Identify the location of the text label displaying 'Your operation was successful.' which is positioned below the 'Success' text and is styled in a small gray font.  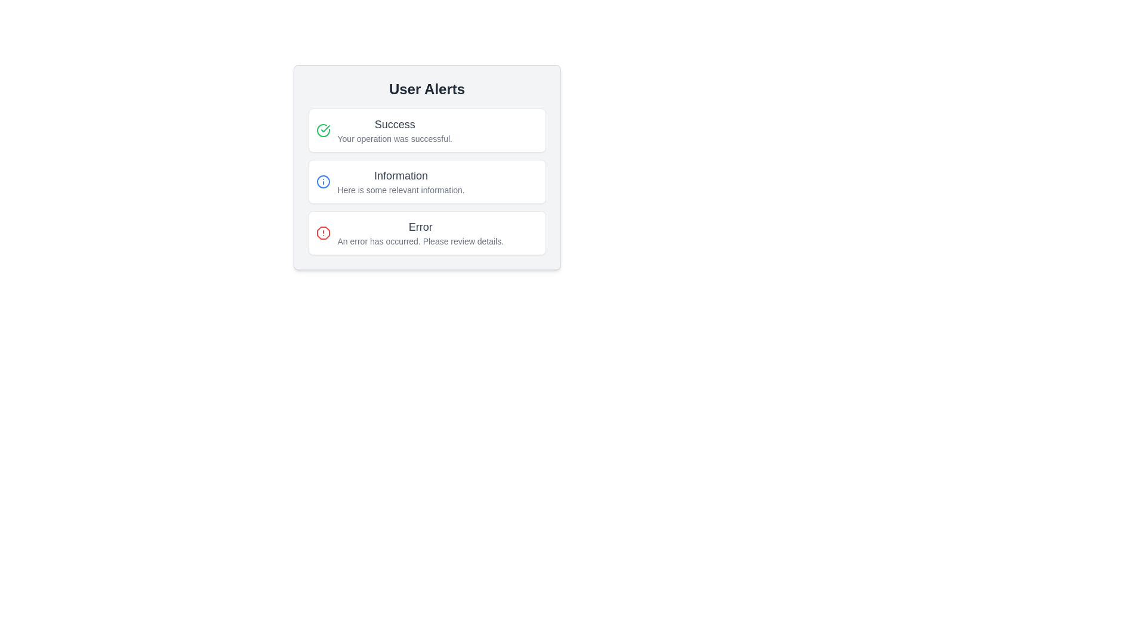
(395, 138).